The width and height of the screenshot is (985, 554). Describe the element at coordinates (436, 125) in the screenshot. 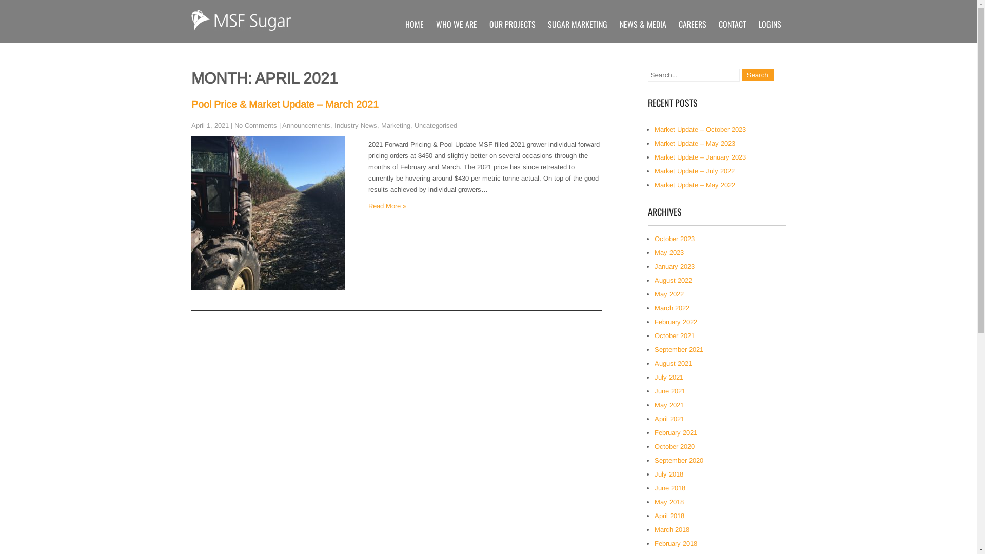

I see `'Uncategorised'` at that location.